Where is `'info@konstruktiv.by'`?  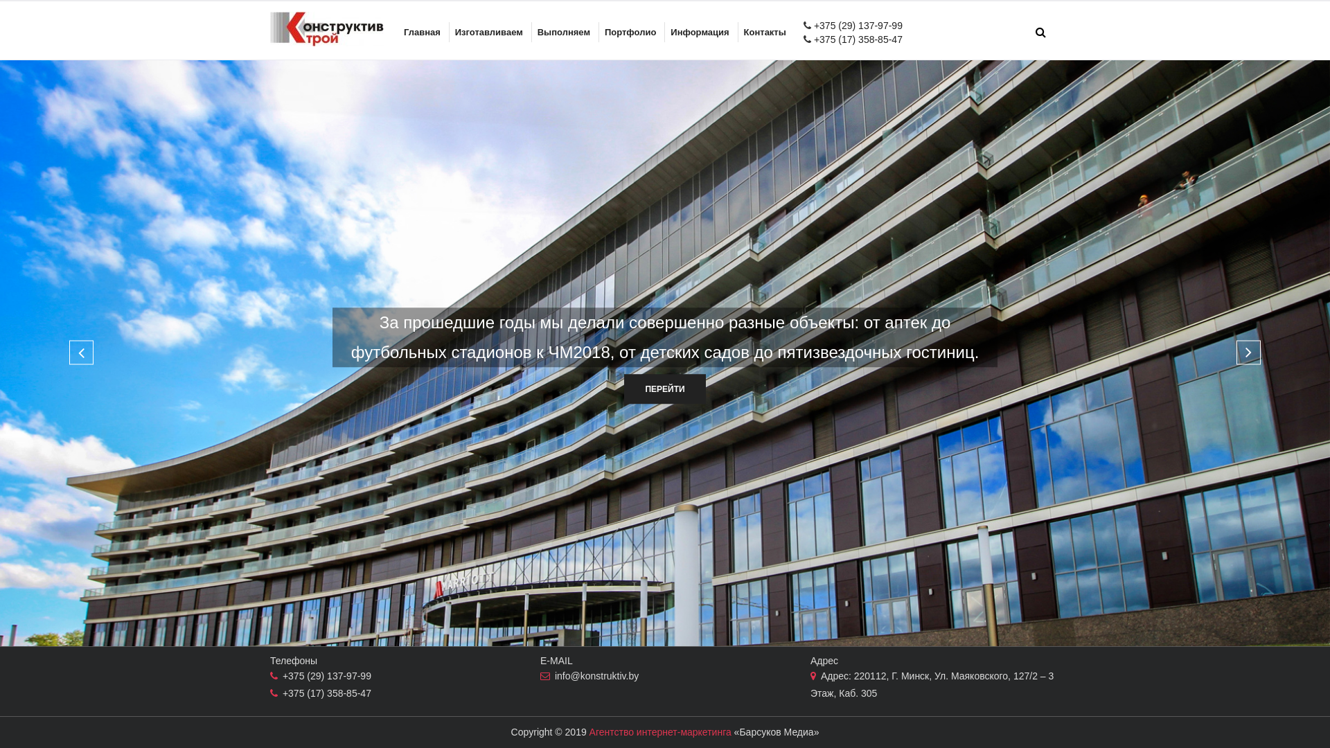 'info@konstruktiv.by' is located at coordinates (555, 675).